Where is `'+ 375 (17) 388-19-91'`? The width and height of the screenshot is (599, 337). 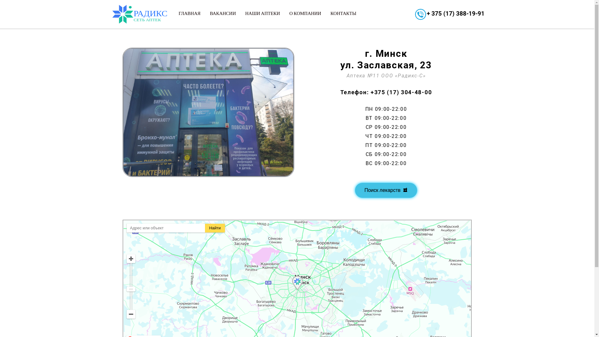
'+ 375 (17) 388-19-91' is located at coordinates (426, 13).